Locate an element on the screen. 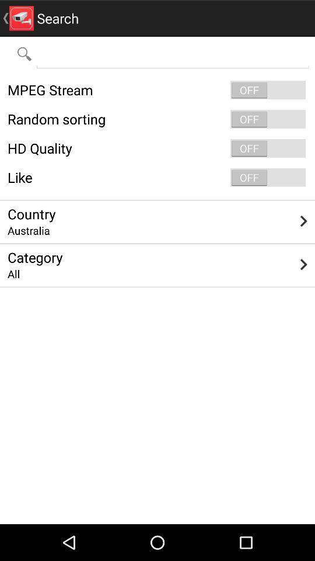  the random sorting icon is located at coordinates (157, 119).